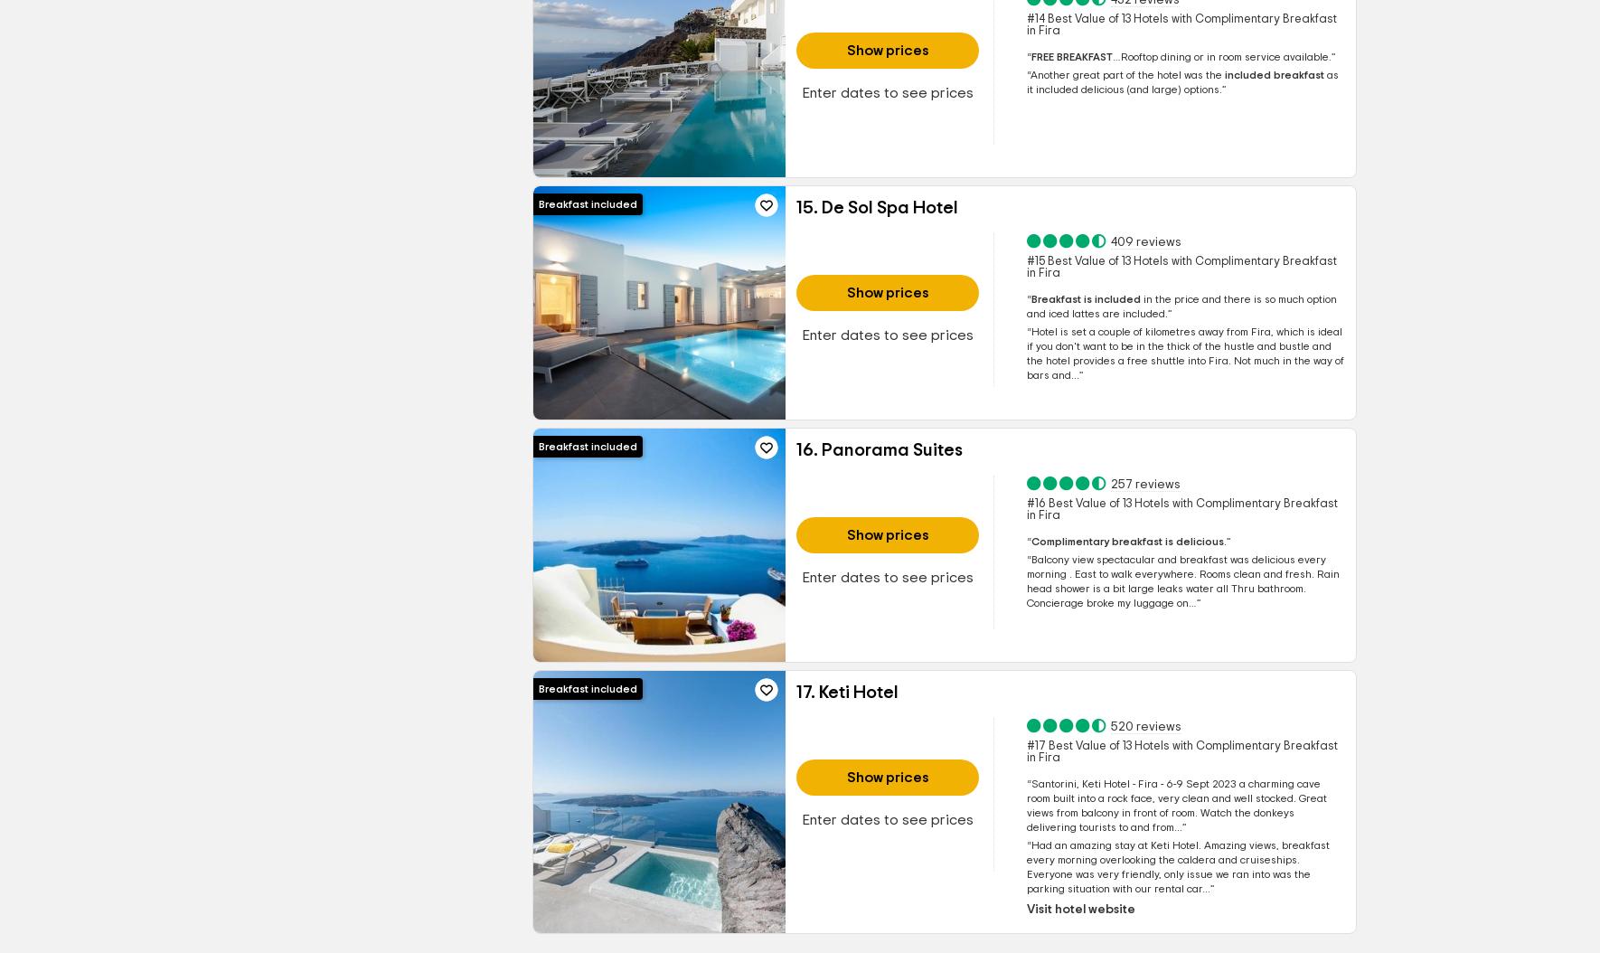  Describe the element at coordinates (1180, 25) in the screenshot. I see `'#14 Best Value of 13 Hotels with Complimentary Breakfast in Fira'` at that location.